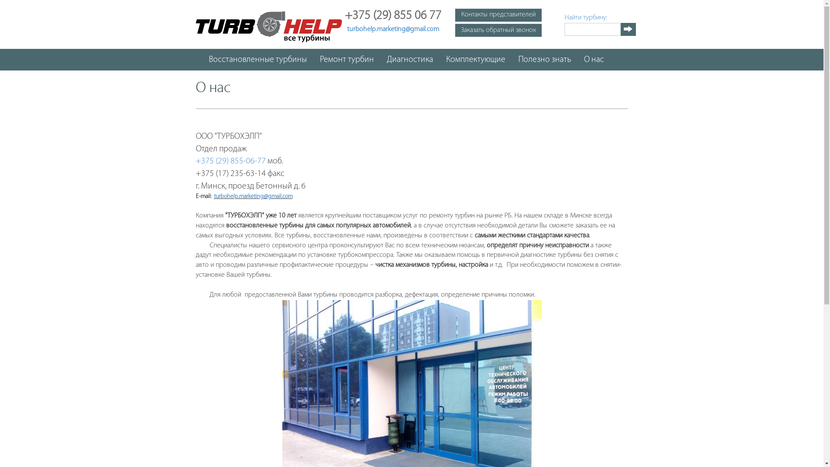  I want to click on 'turbohelp.marketing@gmail.com', so click(347, 29).